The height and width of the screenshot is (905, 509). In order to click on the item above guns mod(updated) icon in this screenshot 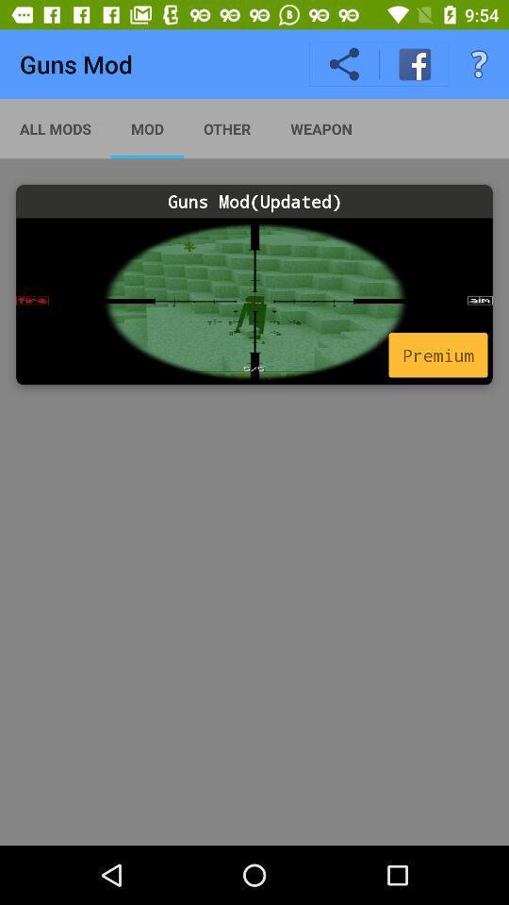, I will do `click(56, 127)`.